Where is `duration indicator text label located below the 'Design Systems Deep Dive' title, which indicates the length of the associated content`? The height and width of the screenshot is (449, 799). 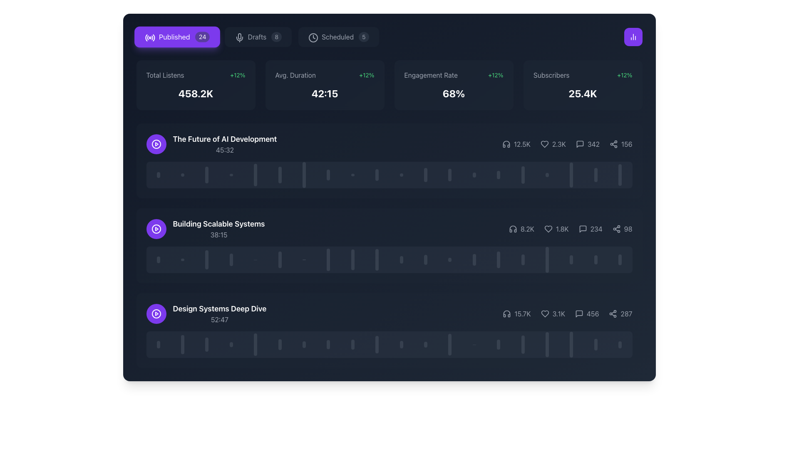 duration indicator text label located below the 'Design Systems Deep Dive' title, which indicates the length of the associated content is located at coordinates (220, 319).